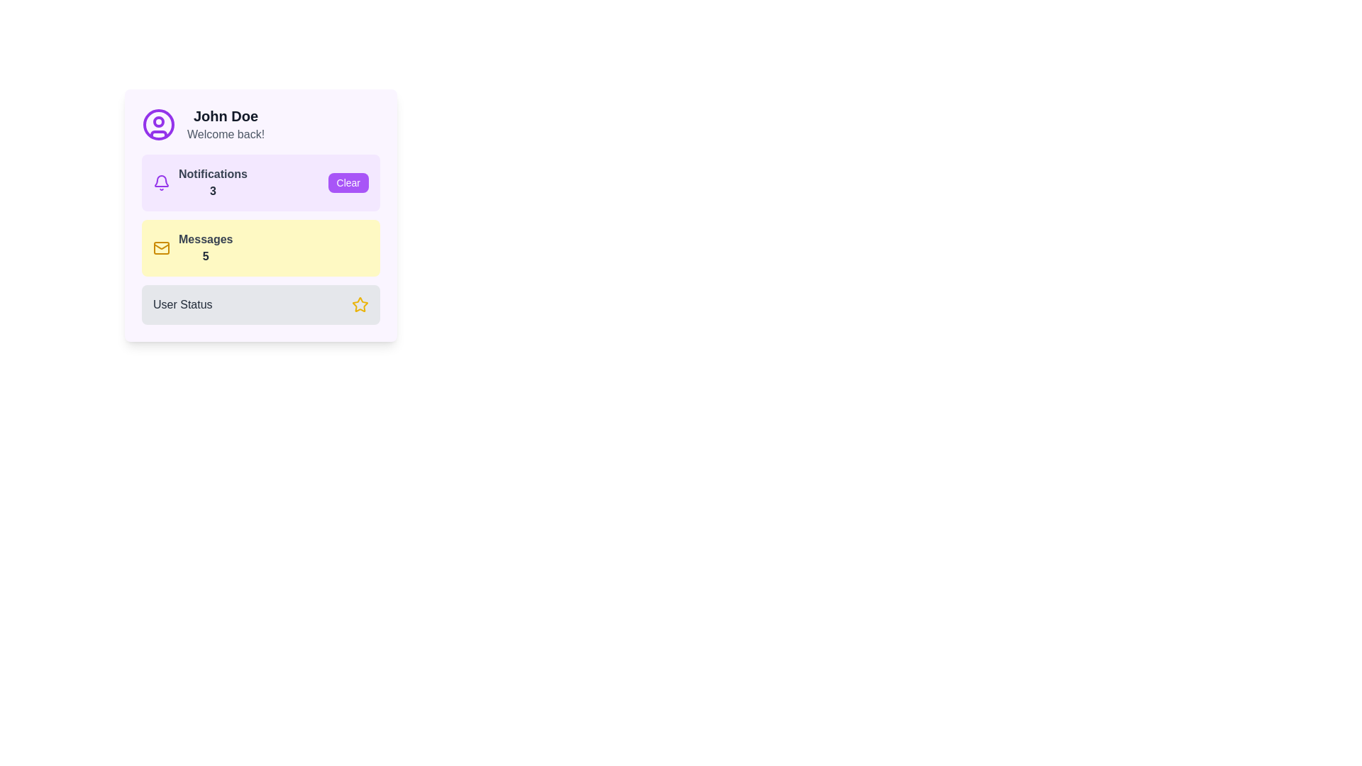 This screenshot has height=766, width=1362. I want to click on the static text display indicating the number of notifications, which shows 'Notifications' and the count '3' in the notification section of the card layout, so click(212, 182).